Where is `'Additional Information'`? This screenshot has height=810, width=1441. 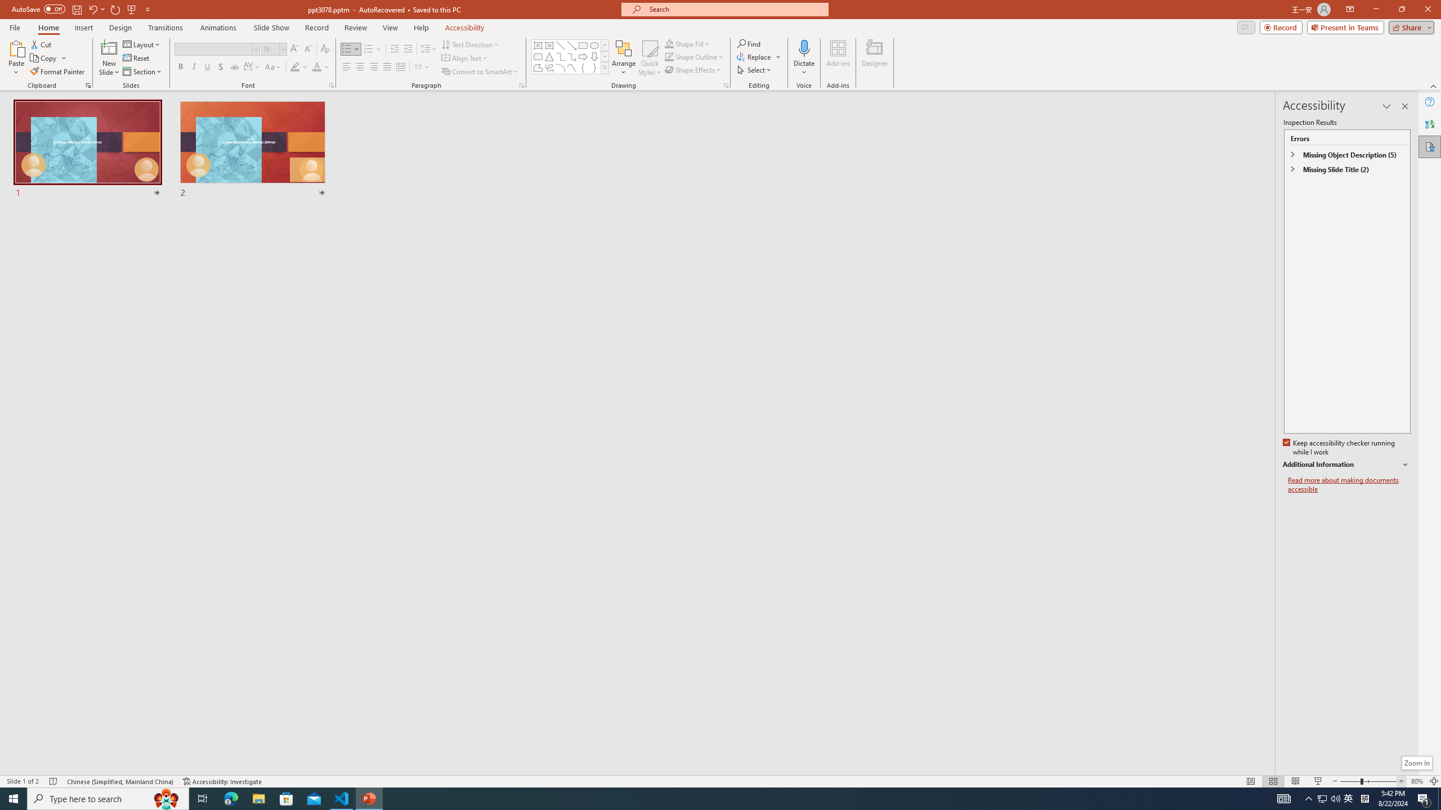 'Additional Information' is located at coordinates (1346, 465).